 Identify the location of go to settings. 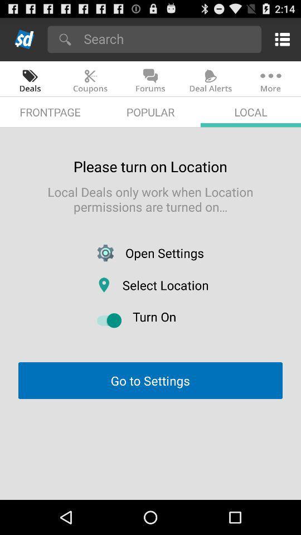
(150, 381).